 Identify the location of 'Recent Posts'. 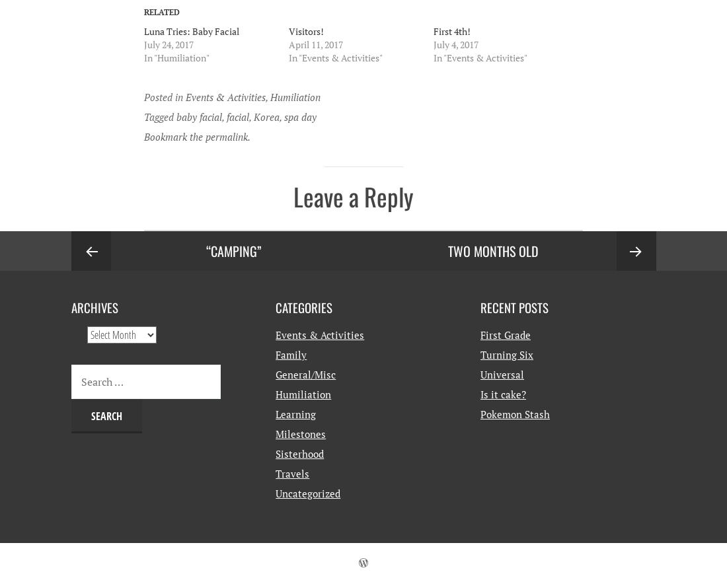
(514, 307).